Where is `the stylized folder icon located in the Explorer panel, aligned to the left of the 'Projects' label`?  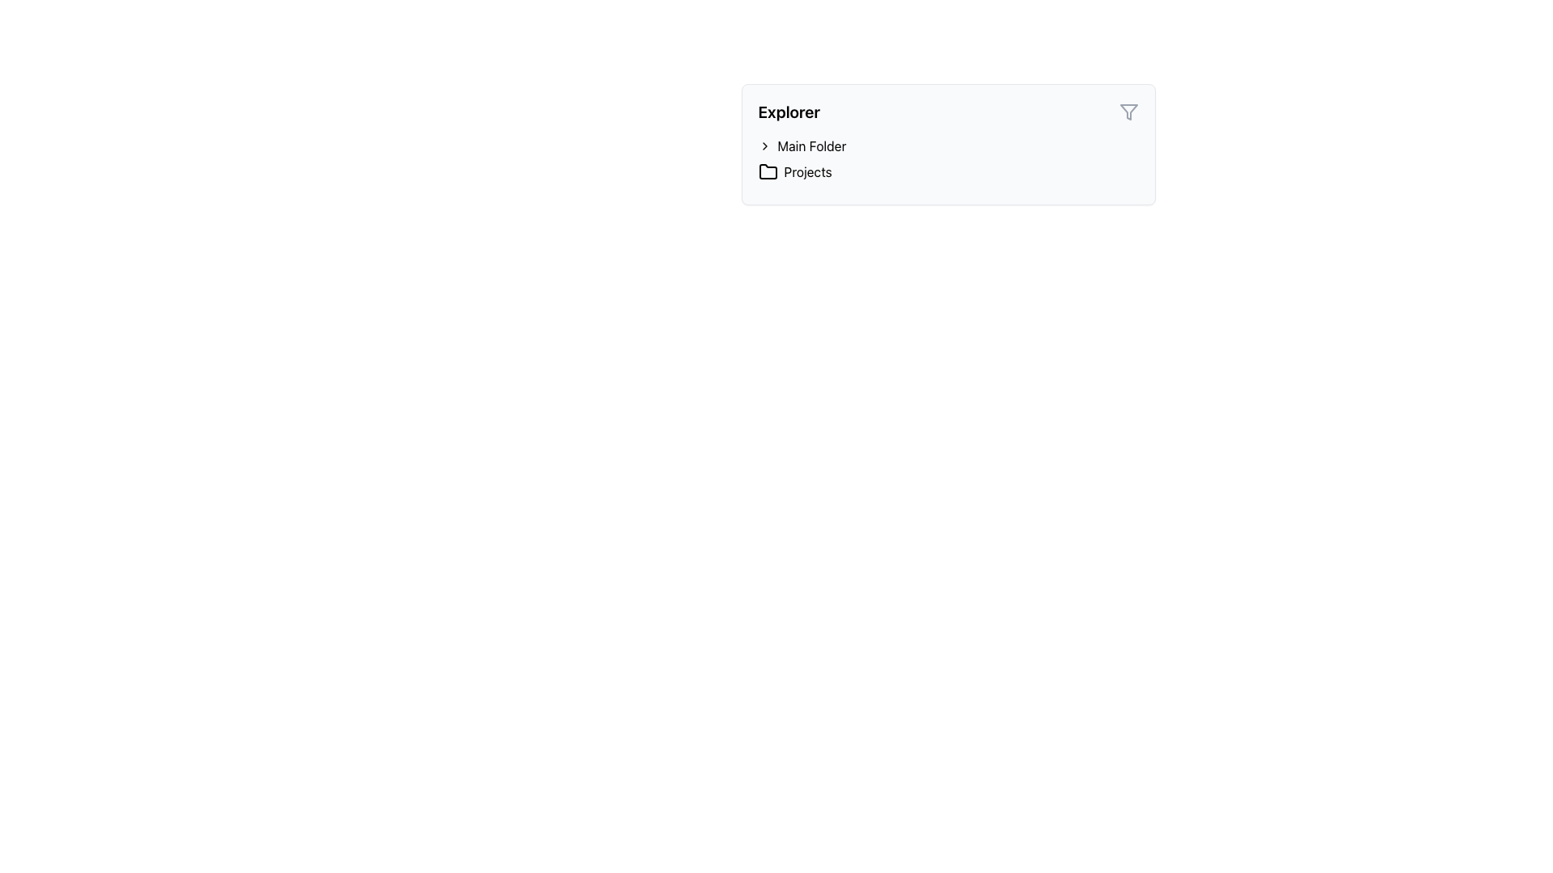
the stylized folder icon located in the Explorer panel, aligned to the left of the 'Projects' label is located at coordinates (767, 171).